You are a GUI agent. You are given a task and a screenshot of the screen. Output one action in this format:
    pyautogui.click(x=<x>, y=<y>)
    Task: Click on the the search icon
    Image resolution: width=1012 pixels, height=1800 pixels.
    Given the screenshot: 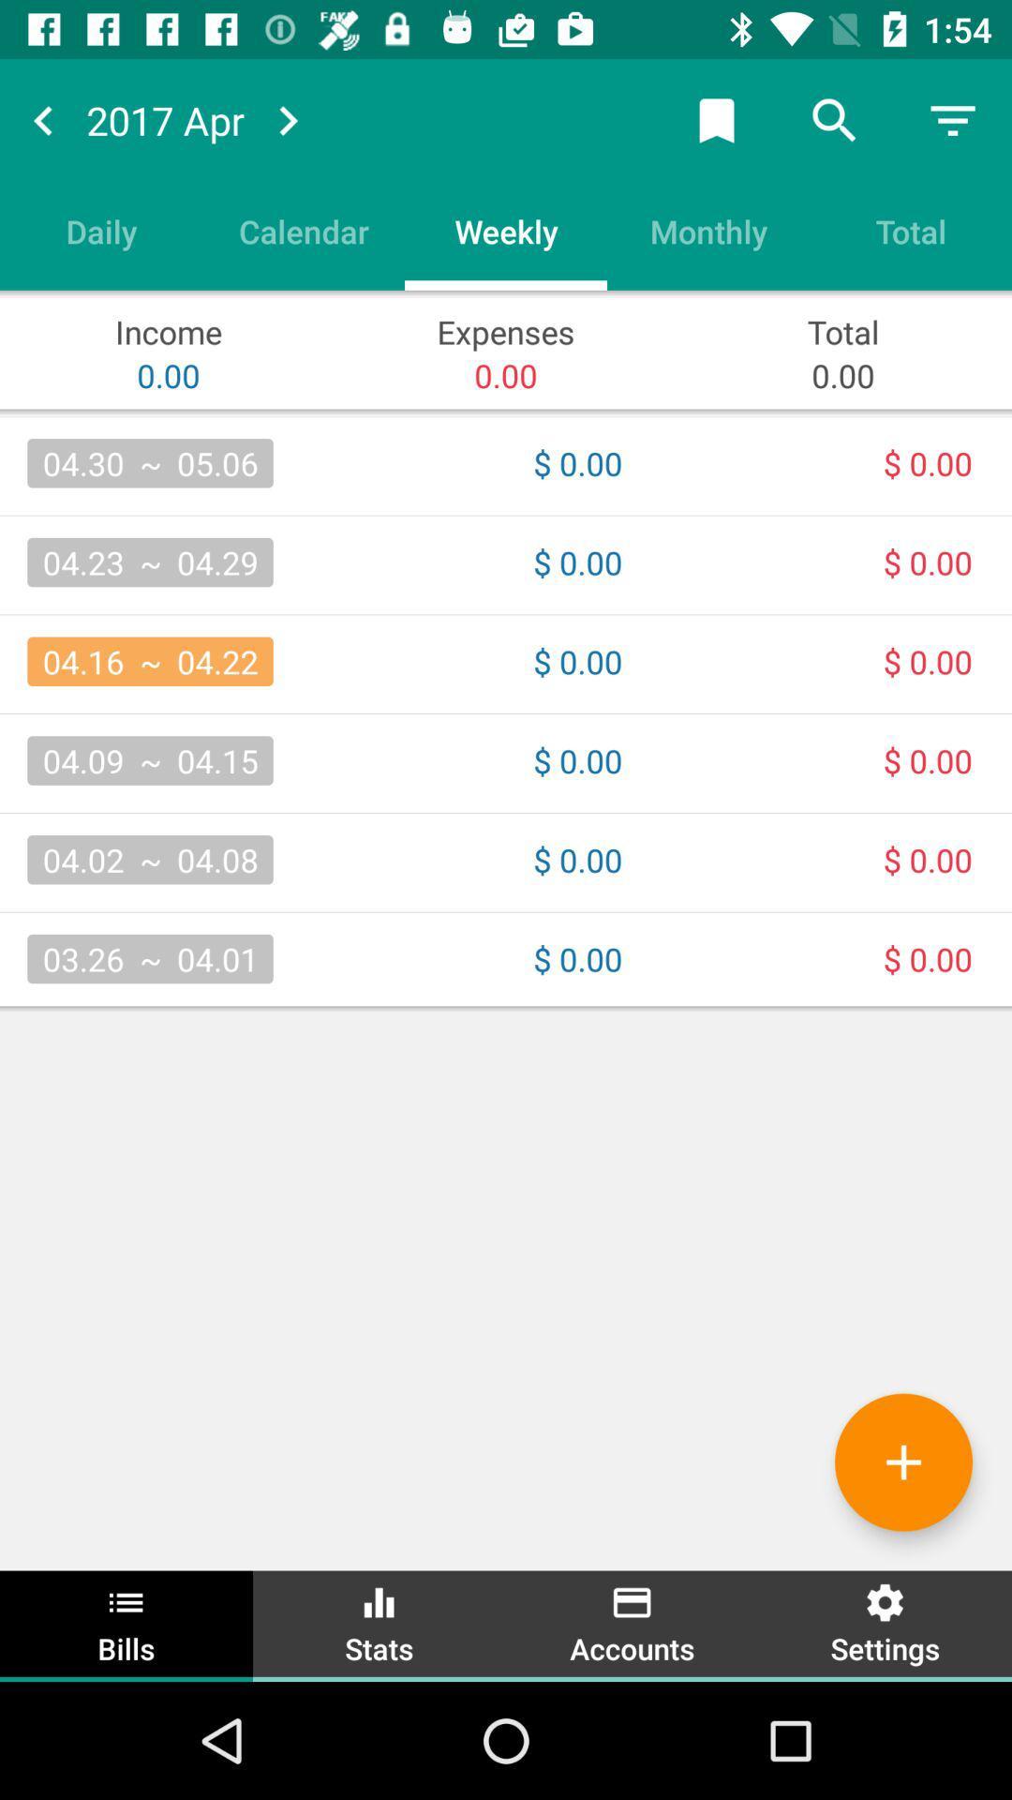 What is the action you would take?
    pyautogui.click(x=834, y=119)
    